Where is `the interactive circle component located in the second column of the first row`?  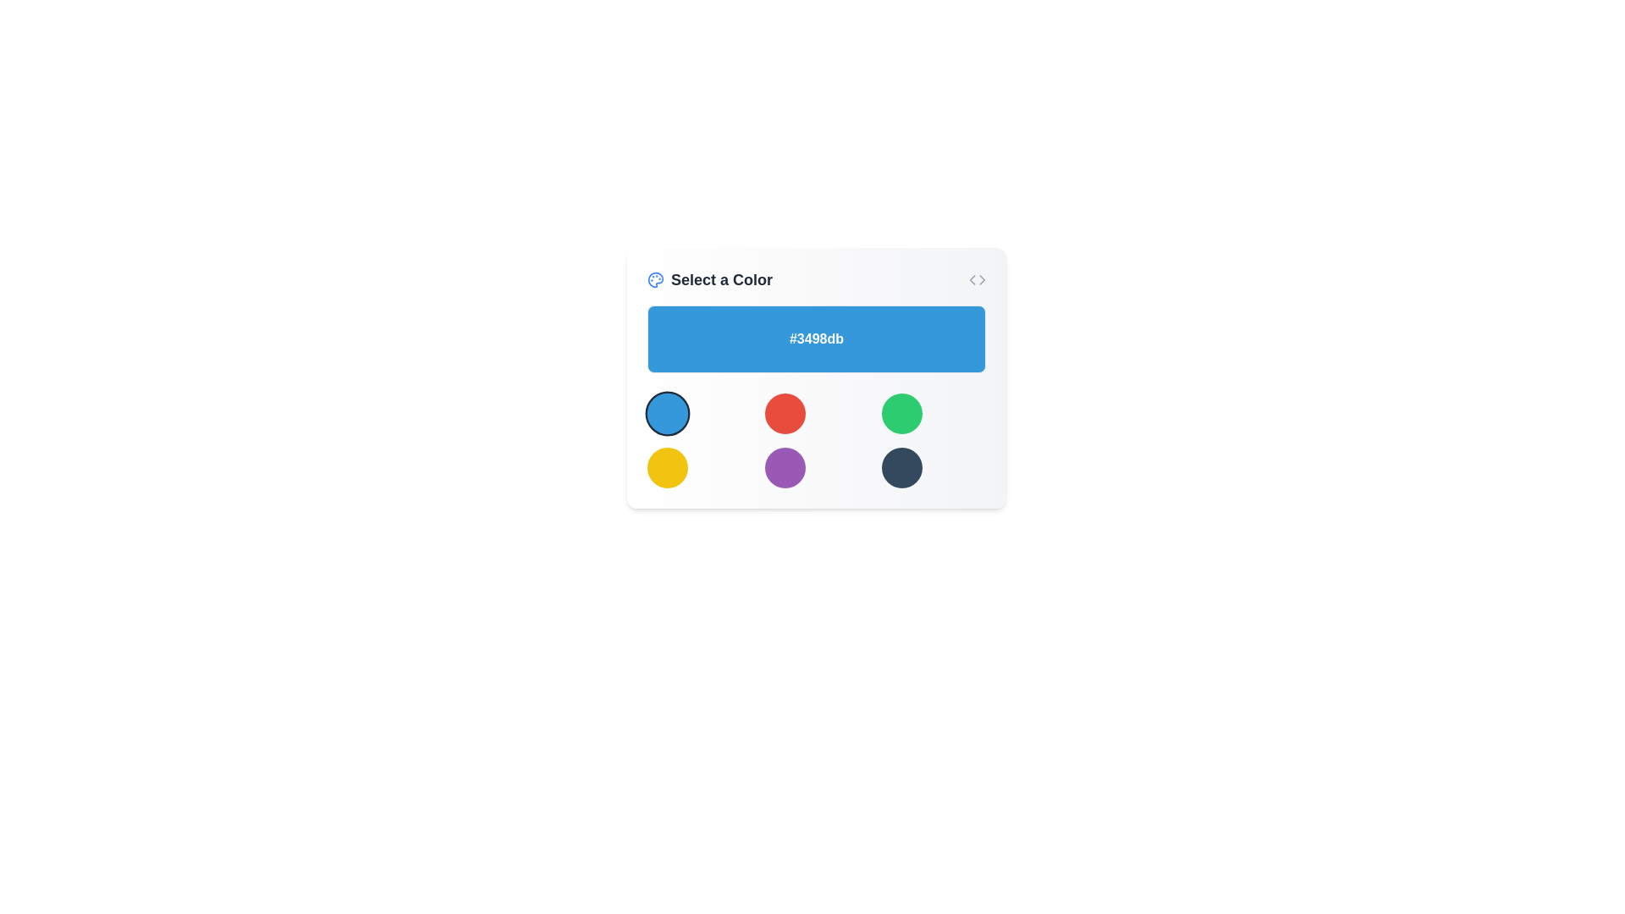
the interactive circle component located in the second column of the first row is located at coordinates (784, 414).